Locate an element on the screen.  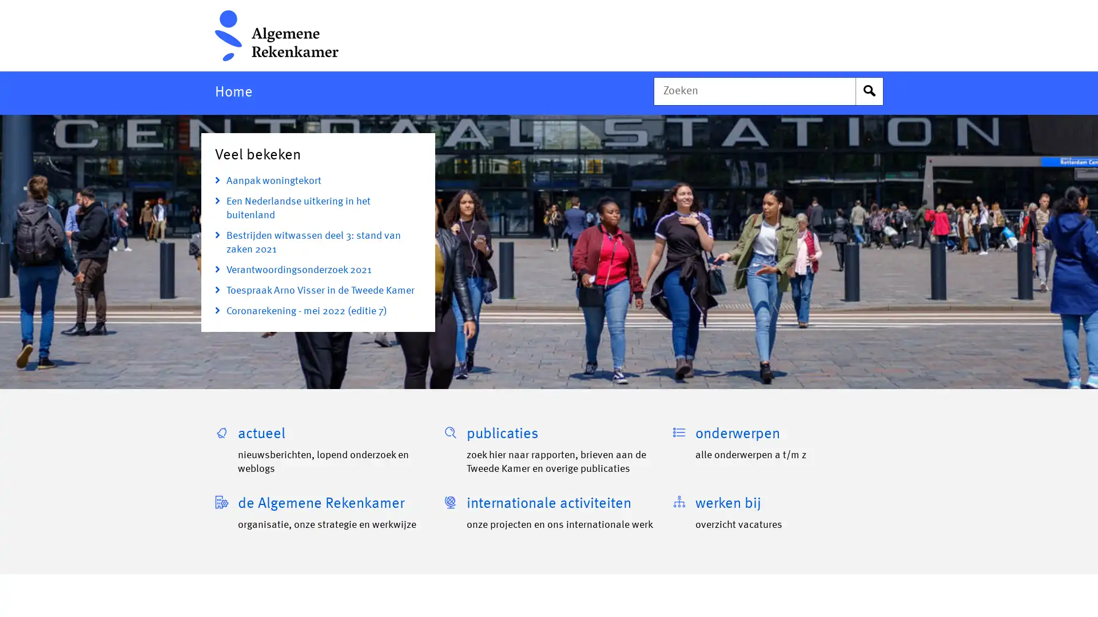
Start zoeken is located at coordinates (869, 90).